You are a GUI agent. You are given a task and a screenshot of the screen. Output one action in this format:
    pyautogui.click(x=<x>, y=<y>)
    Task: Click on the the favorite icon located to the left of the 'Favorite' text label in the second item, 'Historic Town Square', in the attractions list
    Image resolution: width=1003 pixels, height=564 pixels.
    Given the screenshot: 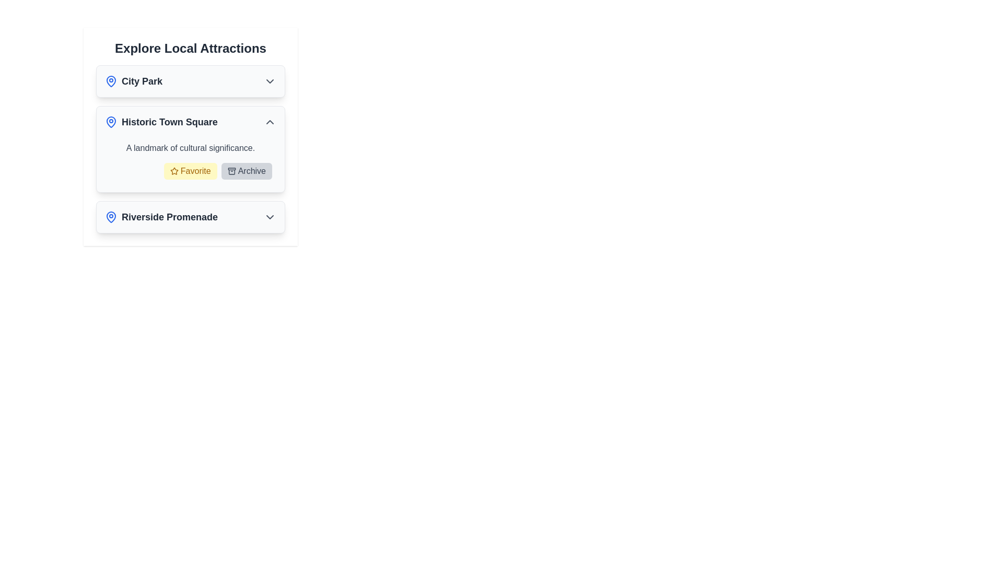 What is the action you would take?
    pyautogui.click(x=174, y=170)
    